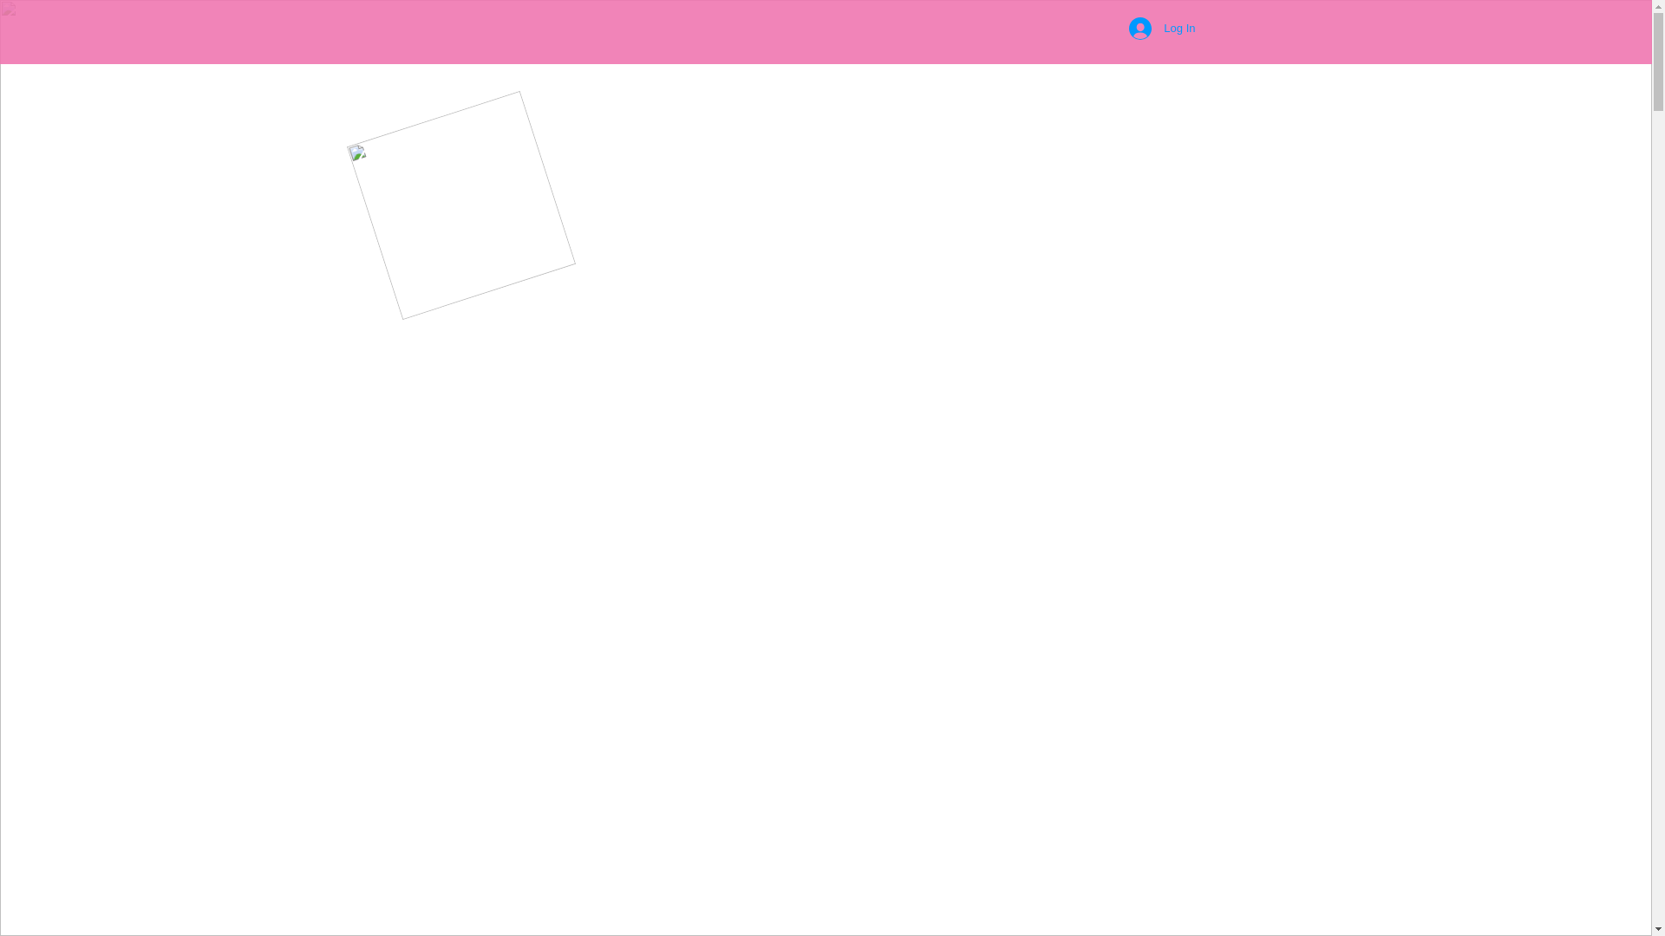  What do you see at coordinates (1161, 29) in the screenshot?
I see `'Log In'` at bounding box center [1161, 29].